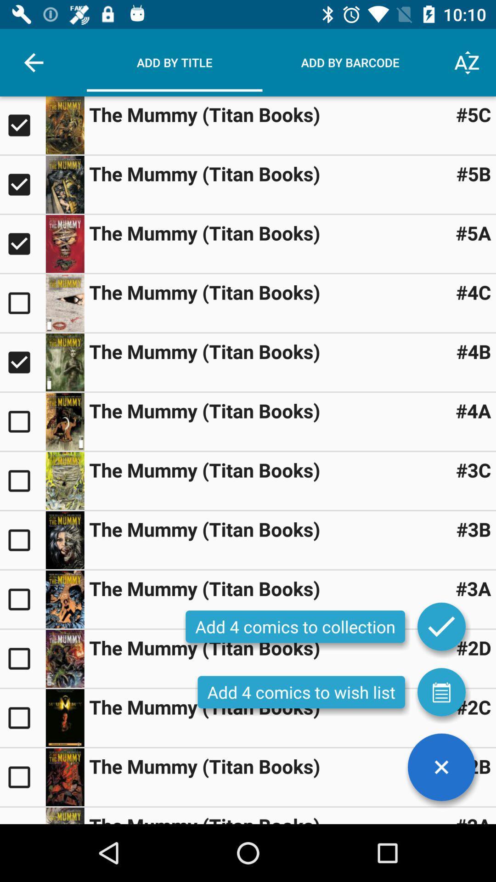  What do you see at coordinates (441, 626) in the screenshot?
I see `selected items` at bounding box center [441, 626].